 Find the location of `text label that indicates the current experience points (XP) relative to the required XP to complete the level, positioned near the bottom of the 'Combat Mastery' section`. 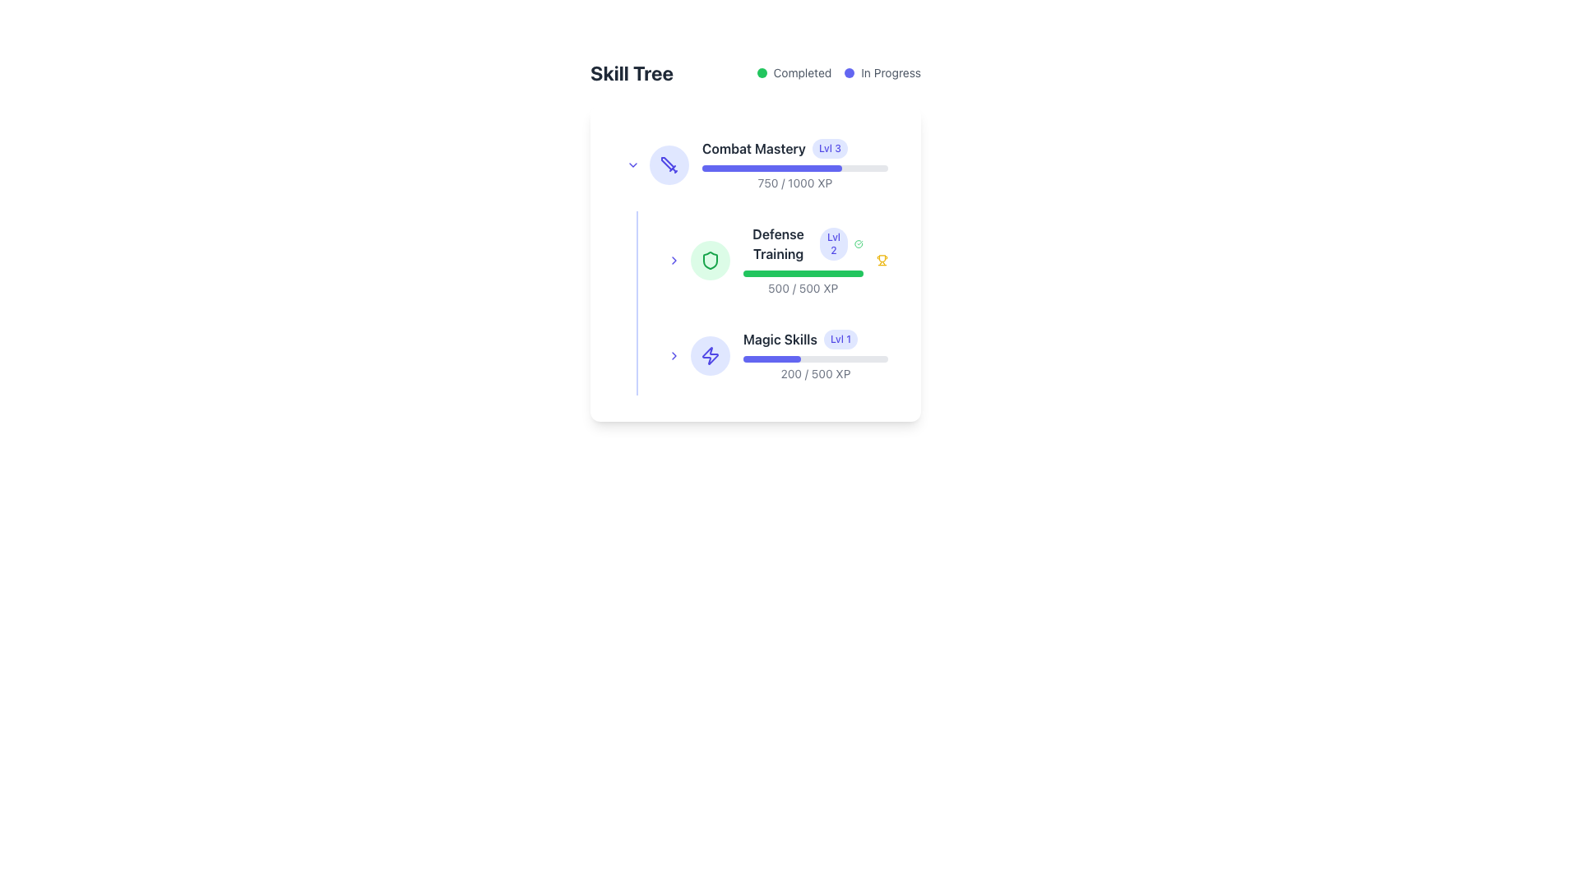

text label that indicates the current experience points (XP) relative to the required XP to complete the level, positioned near the bottom of the 'Combat Mastery' section is located at coordinates (794, 183).